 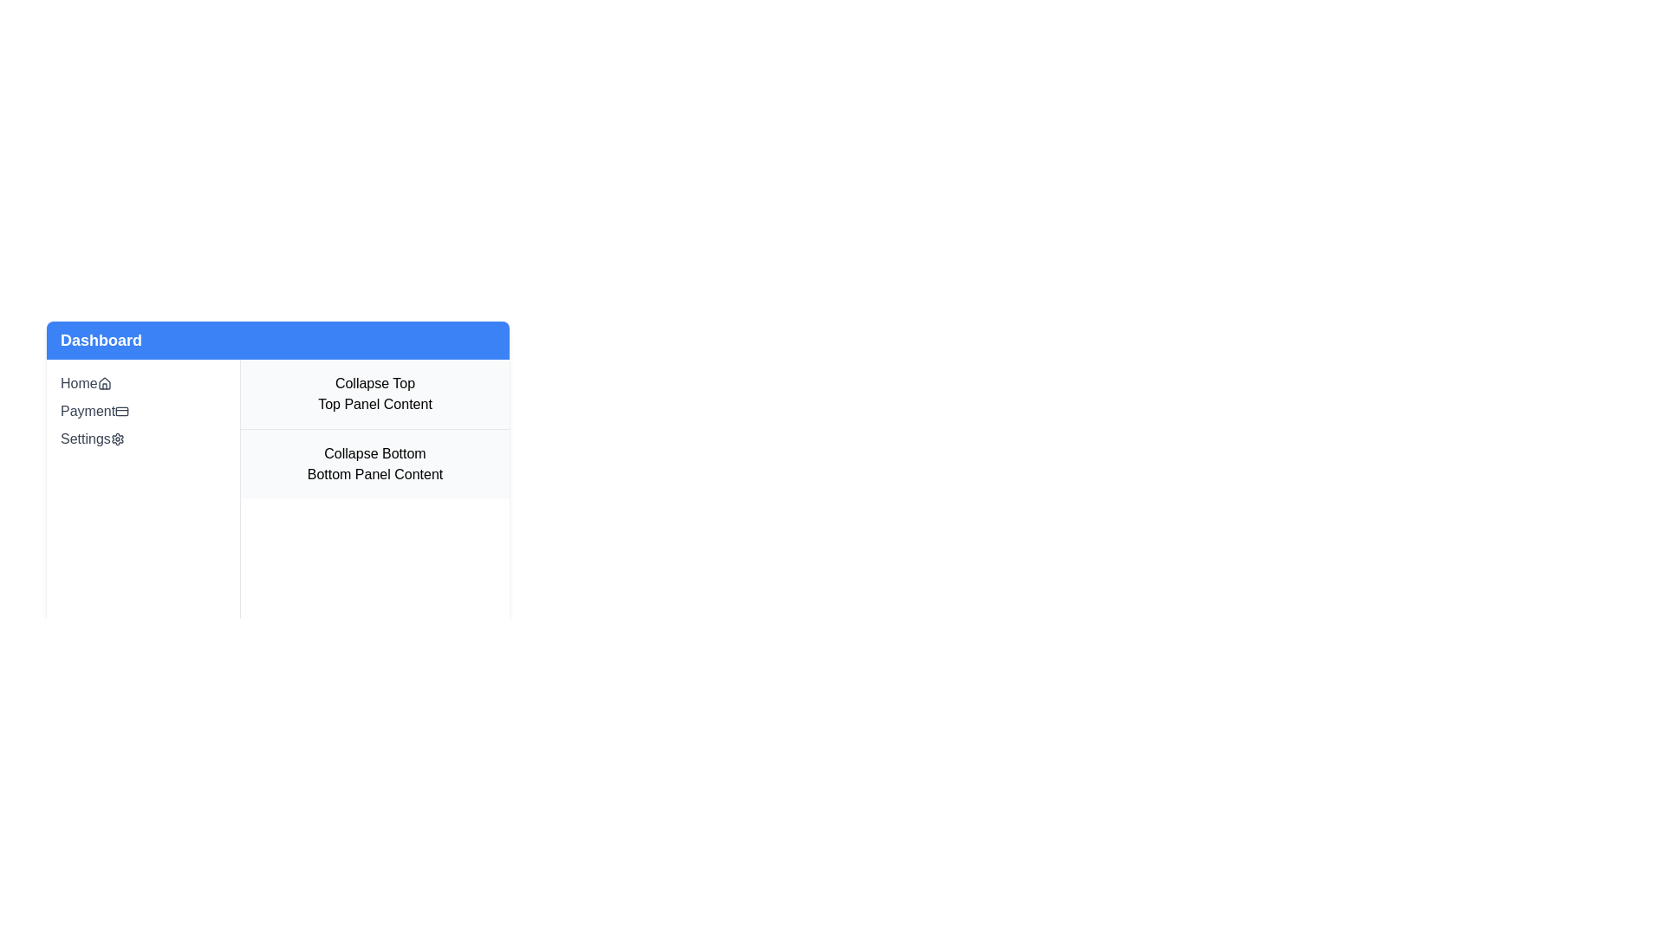 What do you see at coordinates (374, 464) in the screenshot?
I see `the text label for the collapsible section titled 'Collapse Bottom' that displays 'Bottom Panel Content', located in the lower section of the interface` at bounding box center [374, 464].